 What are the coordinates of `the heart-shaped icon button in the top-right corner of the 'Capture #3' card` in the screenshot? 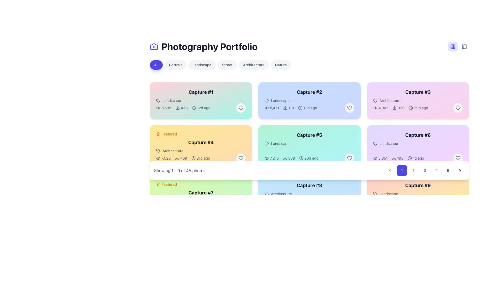 It's located at (458, 108).